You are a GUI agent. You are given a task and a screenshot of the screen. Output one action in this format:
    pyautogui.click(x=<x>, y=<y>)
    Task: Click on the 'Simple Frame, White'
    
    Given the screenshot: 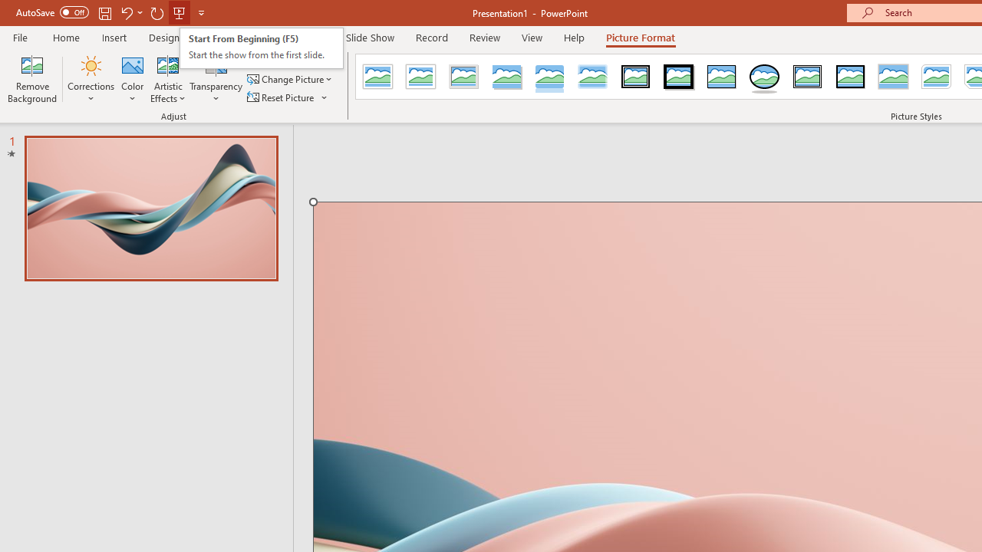 What is the action you would take?
    pyautogui.click(x=377, y=77)
    